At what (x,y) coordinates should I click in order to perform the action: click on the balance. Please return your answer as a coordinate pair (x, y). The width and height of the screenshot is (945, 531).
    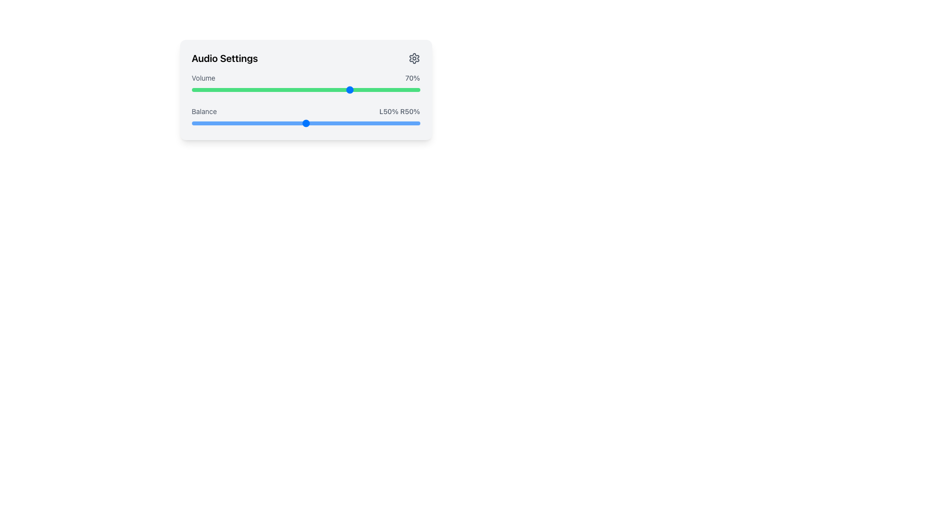
    Looking at the image, I should click on (271, 122).